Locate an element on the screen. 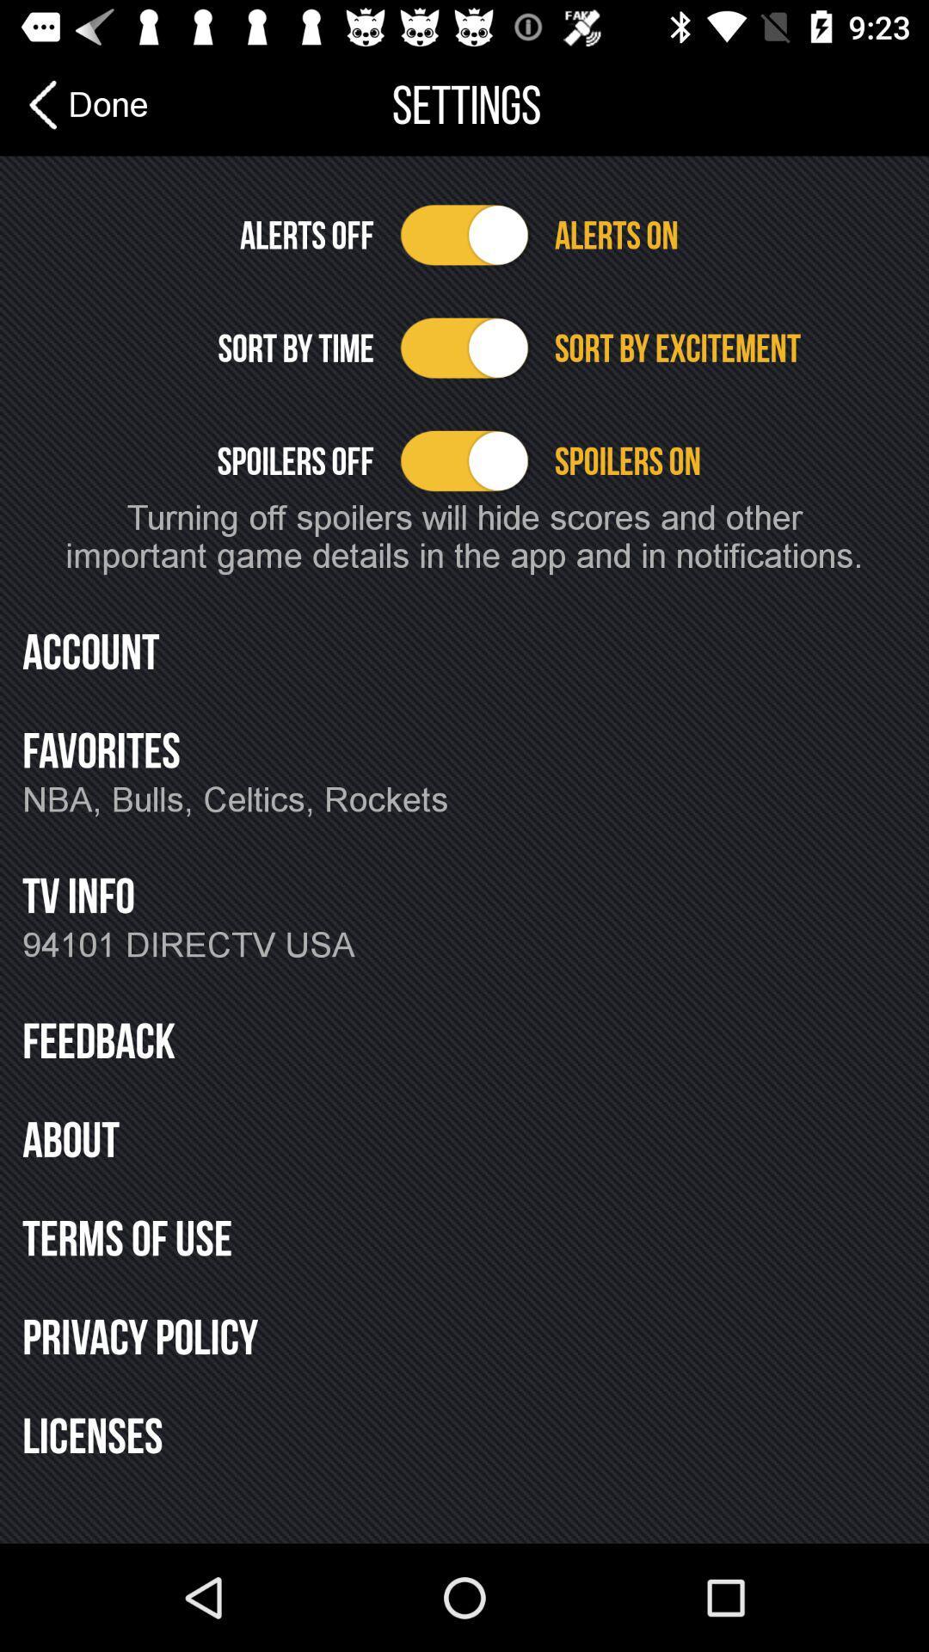 The height and width of the screenshot is (1652, 929). alerts off item is located at coordinates (197, 234).